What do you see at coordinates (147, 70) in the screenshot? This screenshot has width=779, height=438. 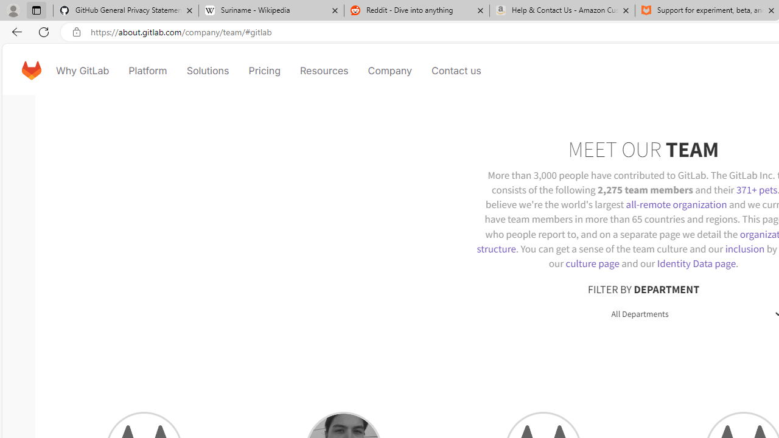 I see `'Platform'` at bounding box center [147, 70].